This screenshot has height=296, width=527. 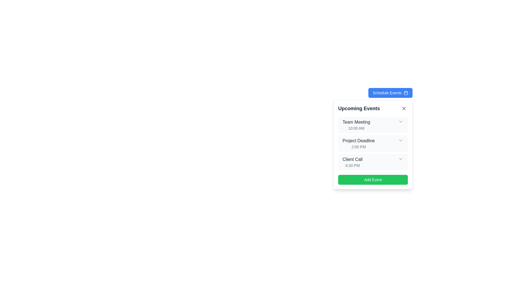 What do you see at coordinates (352, 165) in the screenshot?
I see `the static text label displaying the timestamp '4:30 PM' located below the 'Client Call' header within a card-like interface` at bounding box center [352, 165].